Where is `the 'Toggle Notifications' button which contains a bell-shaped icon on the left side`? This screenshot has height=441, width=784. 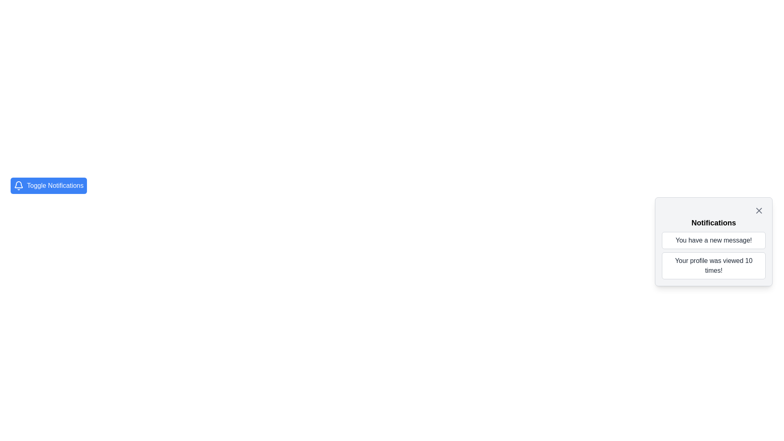
the 'Toggle Notifications' button which contains a bell-shaped icon on the left side is located at coordinates (19, 186).